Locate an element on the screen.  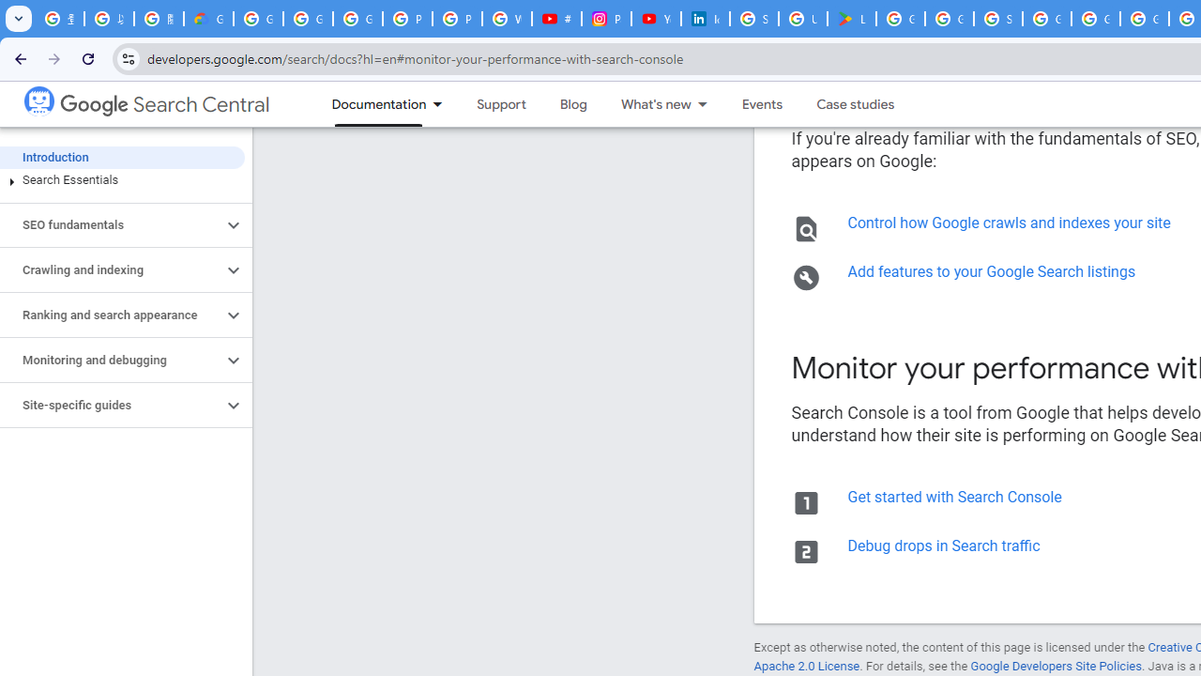
'Control how Google crawls and indexes your site' is located at coordinates (1008, 222).